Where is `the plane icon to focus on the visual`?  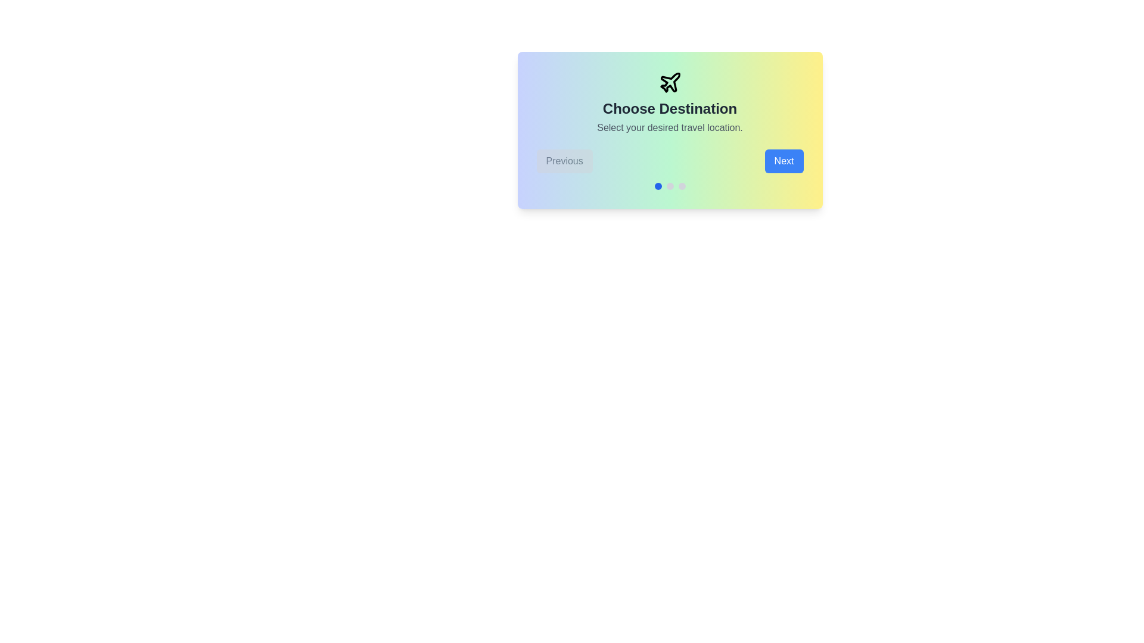 the plane icon to focus on the visual is located at coordinates (670, 82).